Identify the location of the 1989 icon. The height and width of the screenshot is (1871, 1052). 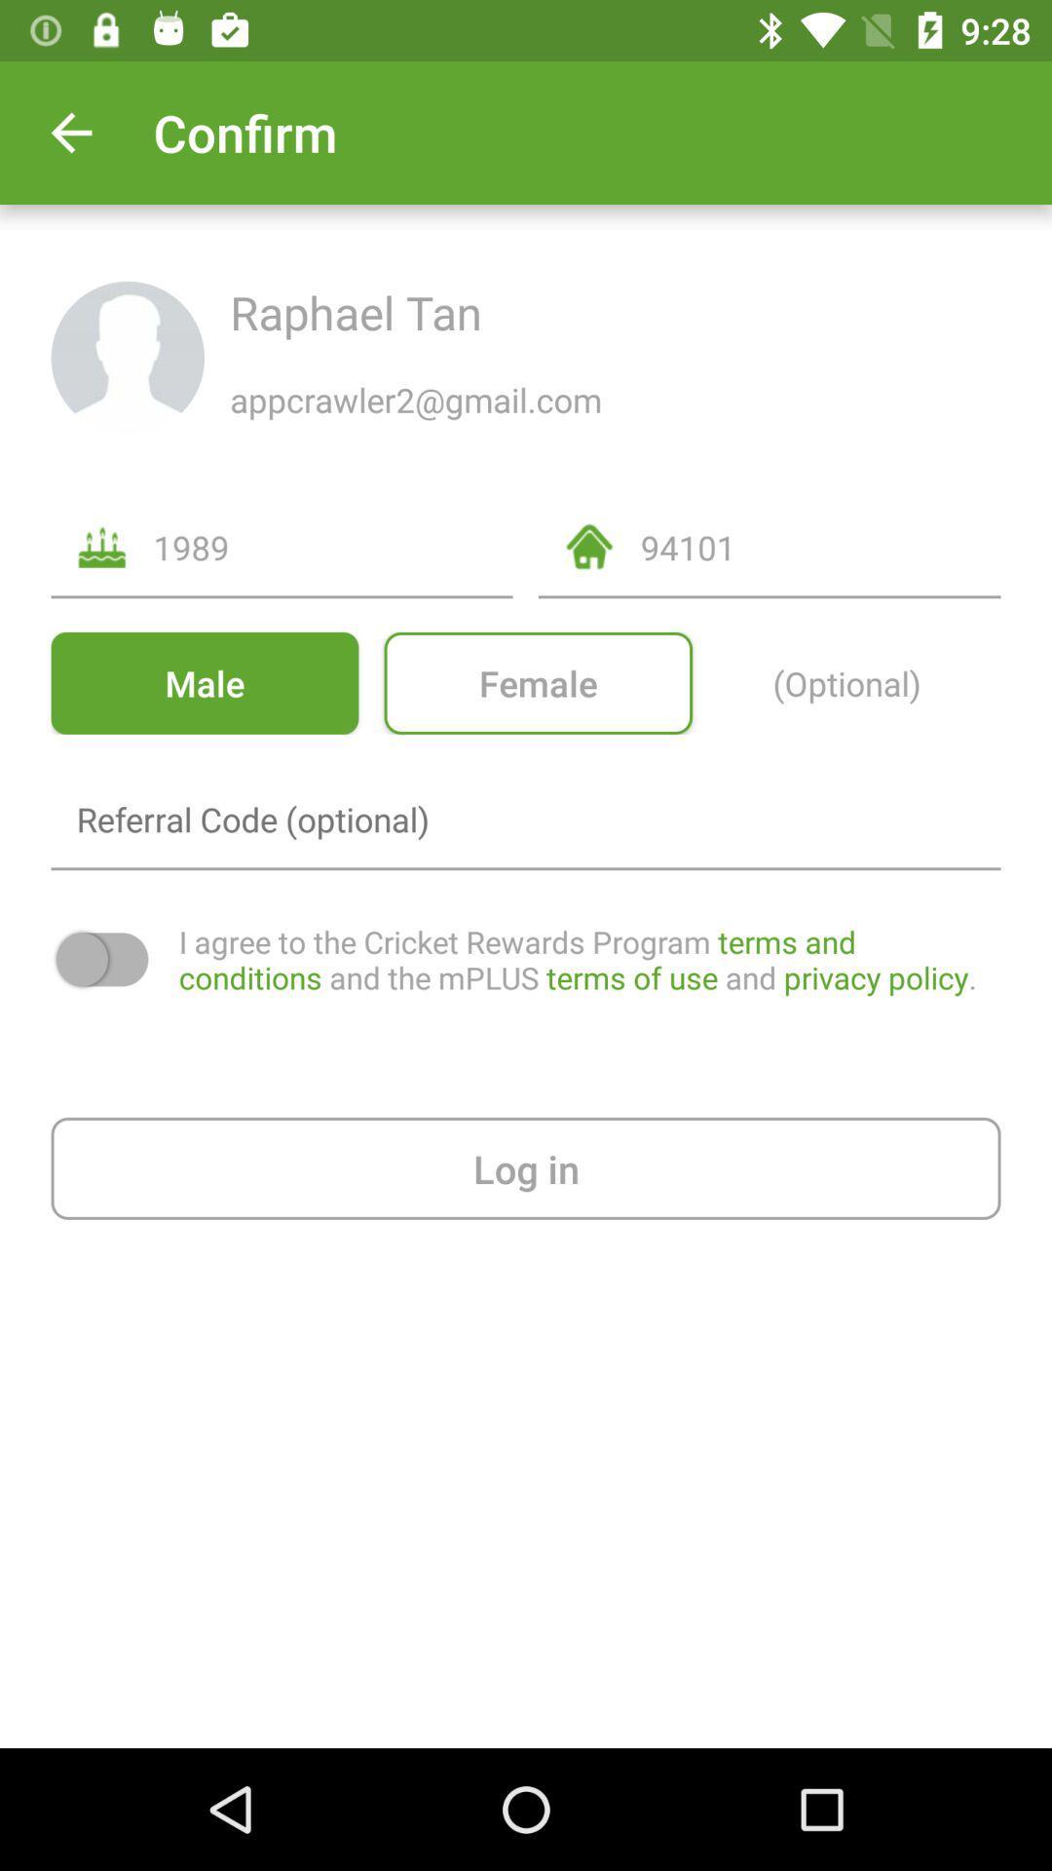
(332, 546).